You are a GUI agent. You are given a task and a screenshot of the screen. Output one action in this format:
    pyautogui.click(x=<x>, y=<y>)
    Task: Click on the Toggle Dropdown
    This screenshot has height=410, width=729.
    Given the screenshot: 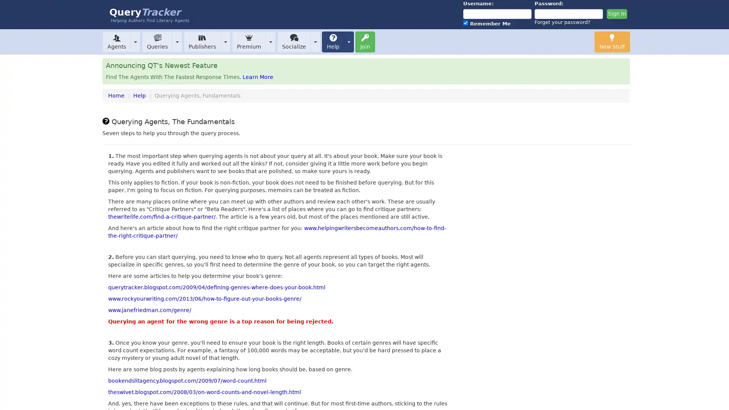 What is the action you would take?
    pyautogui.click(x=315, y=41)
    